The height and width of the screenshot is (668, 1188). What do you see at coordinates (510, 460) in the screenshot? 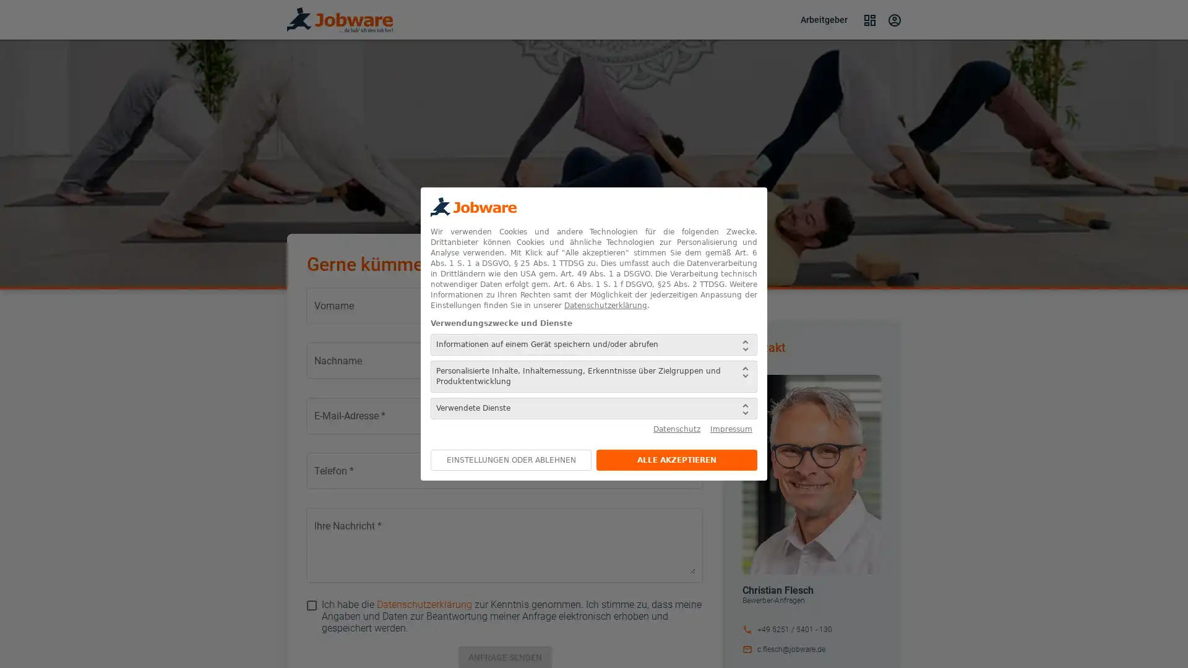
I see `EINSTELLUNGEN ODER ABLEHNEN` at bounding box center [510, 460].